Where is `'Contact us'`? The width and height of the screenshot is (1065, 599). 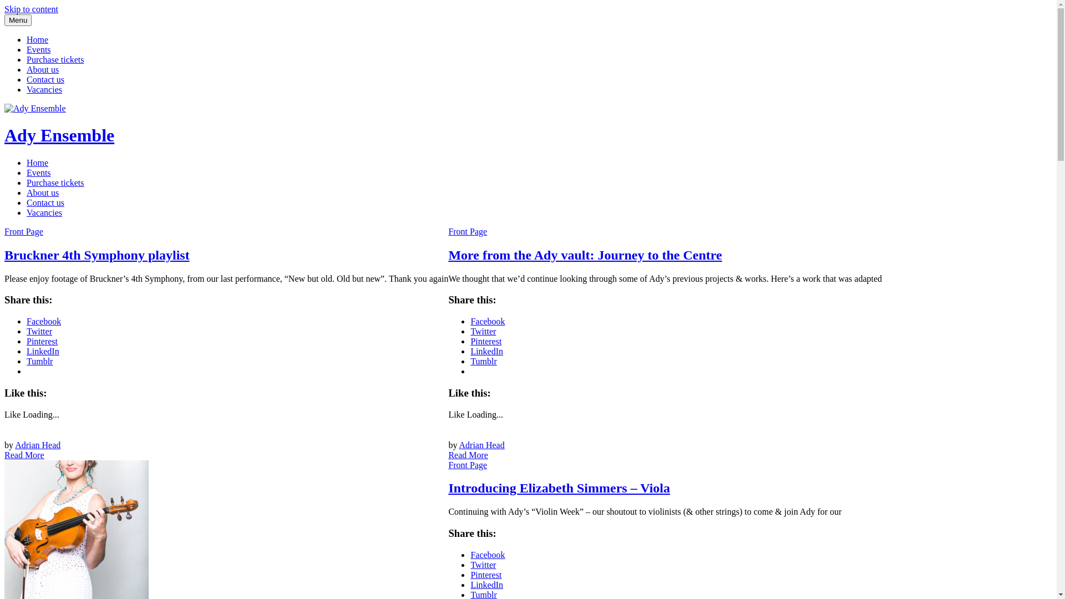 'Contact us' is located at coordinates (44, 79).